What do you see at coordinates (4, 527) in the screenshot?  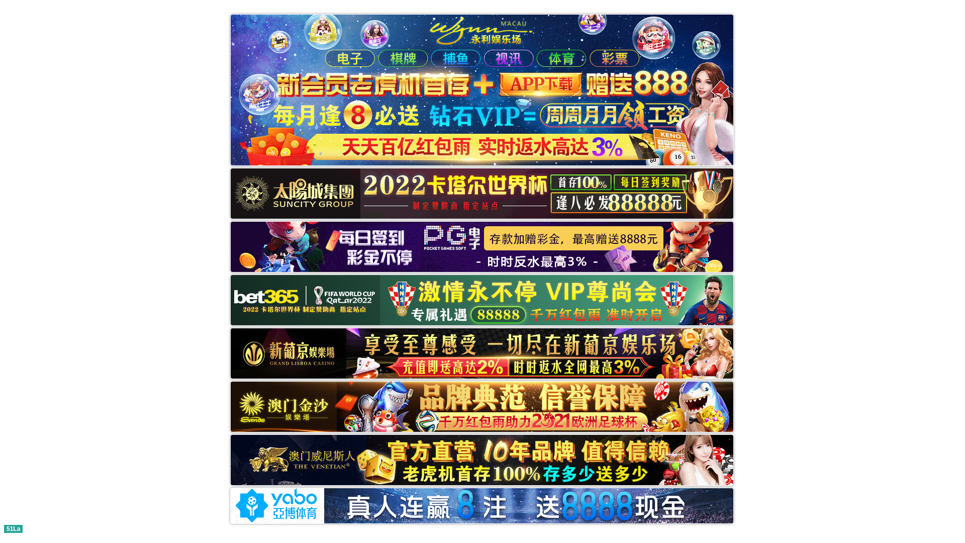 I see `'51La'` at bounding box center [4, 527].